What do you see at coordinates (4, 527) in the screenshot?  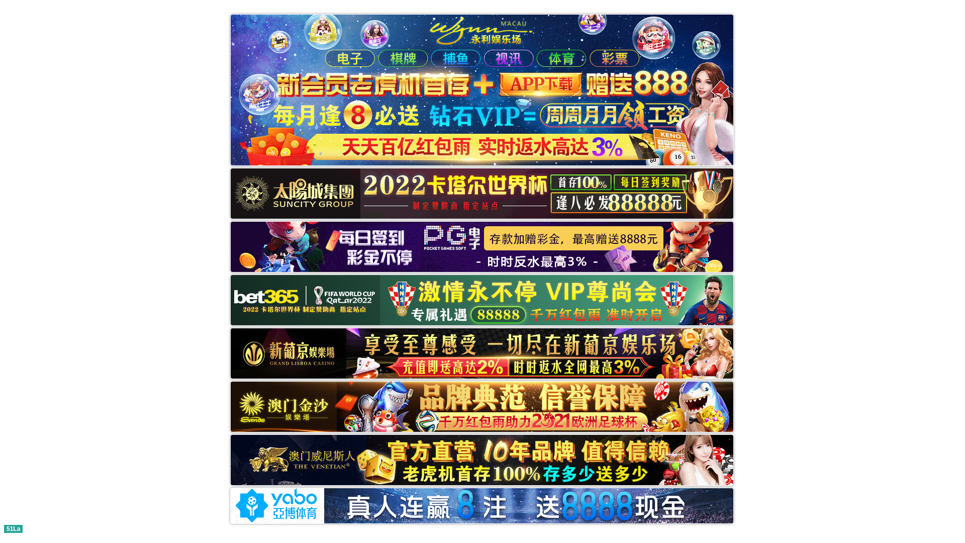 I see `'51La'` at bounding box center [4, 527].